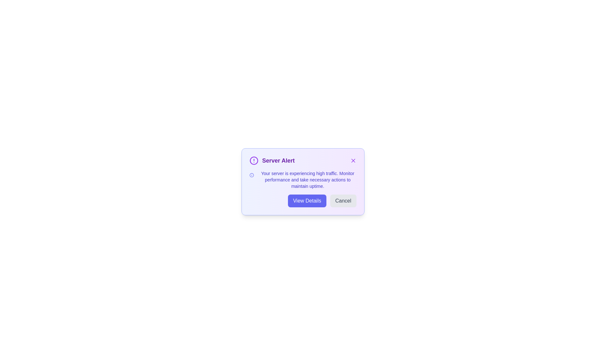  Describe the element at coordinates (307, 200) in the screenshot. I see `the 'View Details' button to proceed` at that location.